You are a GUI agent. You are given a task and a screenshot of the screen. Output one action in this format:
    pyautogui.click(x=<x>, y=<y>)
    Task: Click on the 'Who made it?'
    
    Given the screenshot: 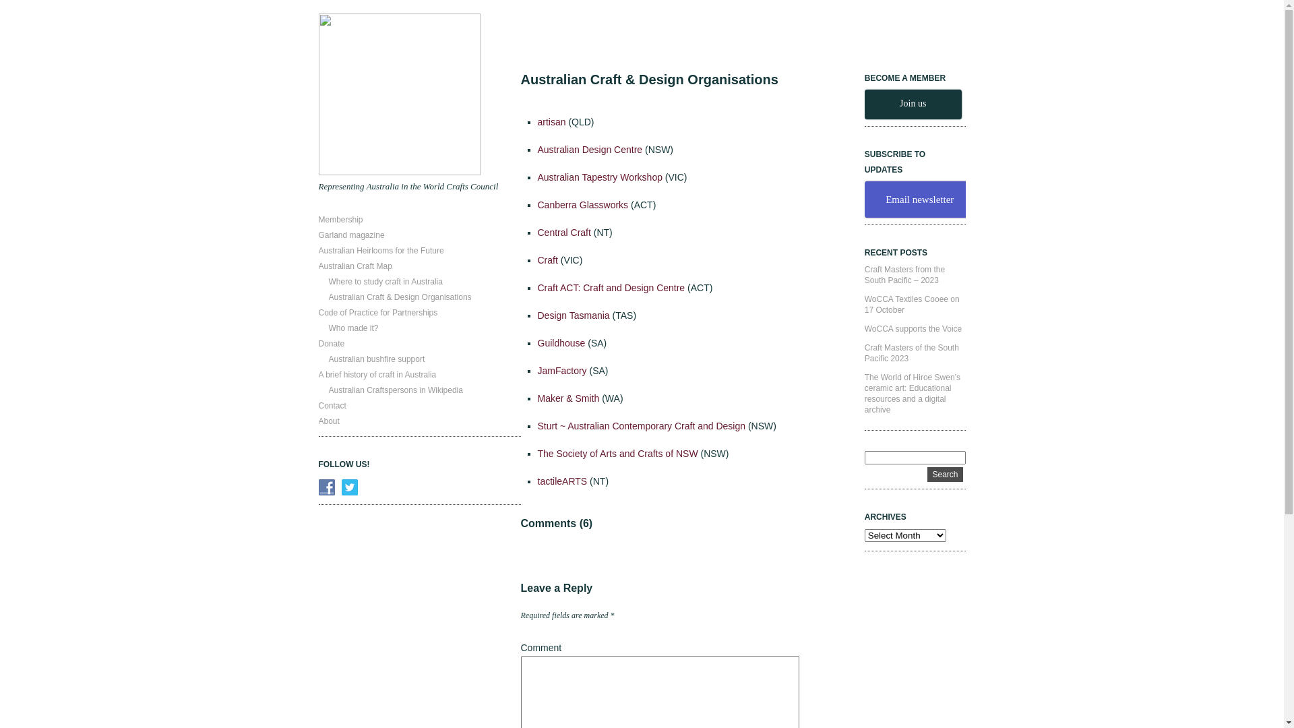 What is the action you would take?
    pyautogui.click(x=353, y=328)
    